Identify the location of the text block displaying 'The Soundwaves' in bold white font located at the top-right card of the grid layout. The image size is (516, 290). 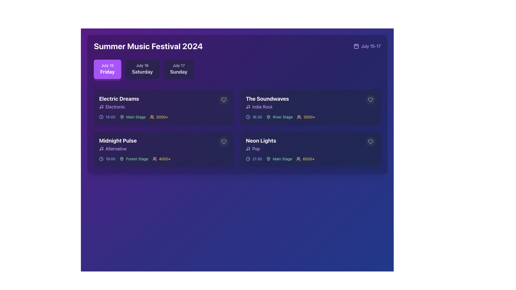
(267, 102).